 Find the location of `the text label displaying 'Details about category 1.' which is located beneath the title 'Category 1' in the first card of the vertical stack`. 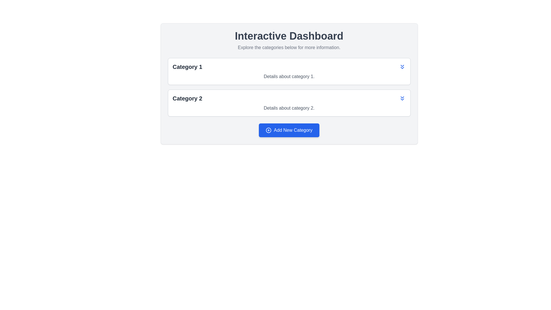

the text label displaying 'Details about category 1.' which is located beneath the title 'Category 1' in the first card of the vertical stack is located at coordinates (289, 76).